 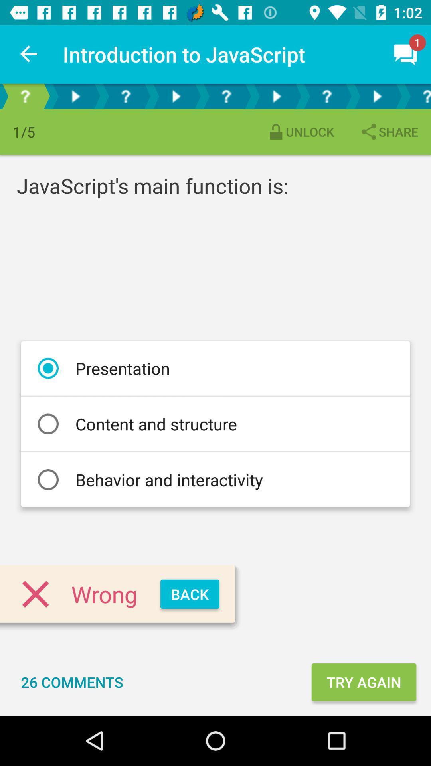 I want to click on open question, so click(x=326, y=96).